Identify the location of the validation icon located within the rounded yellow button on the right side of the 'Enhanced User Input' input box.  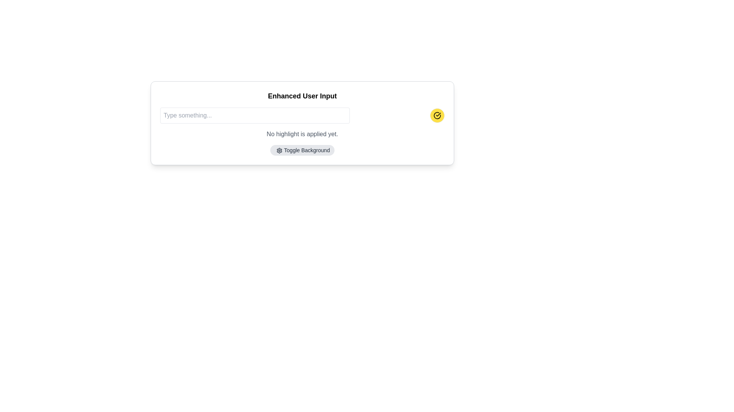
(437, 116).